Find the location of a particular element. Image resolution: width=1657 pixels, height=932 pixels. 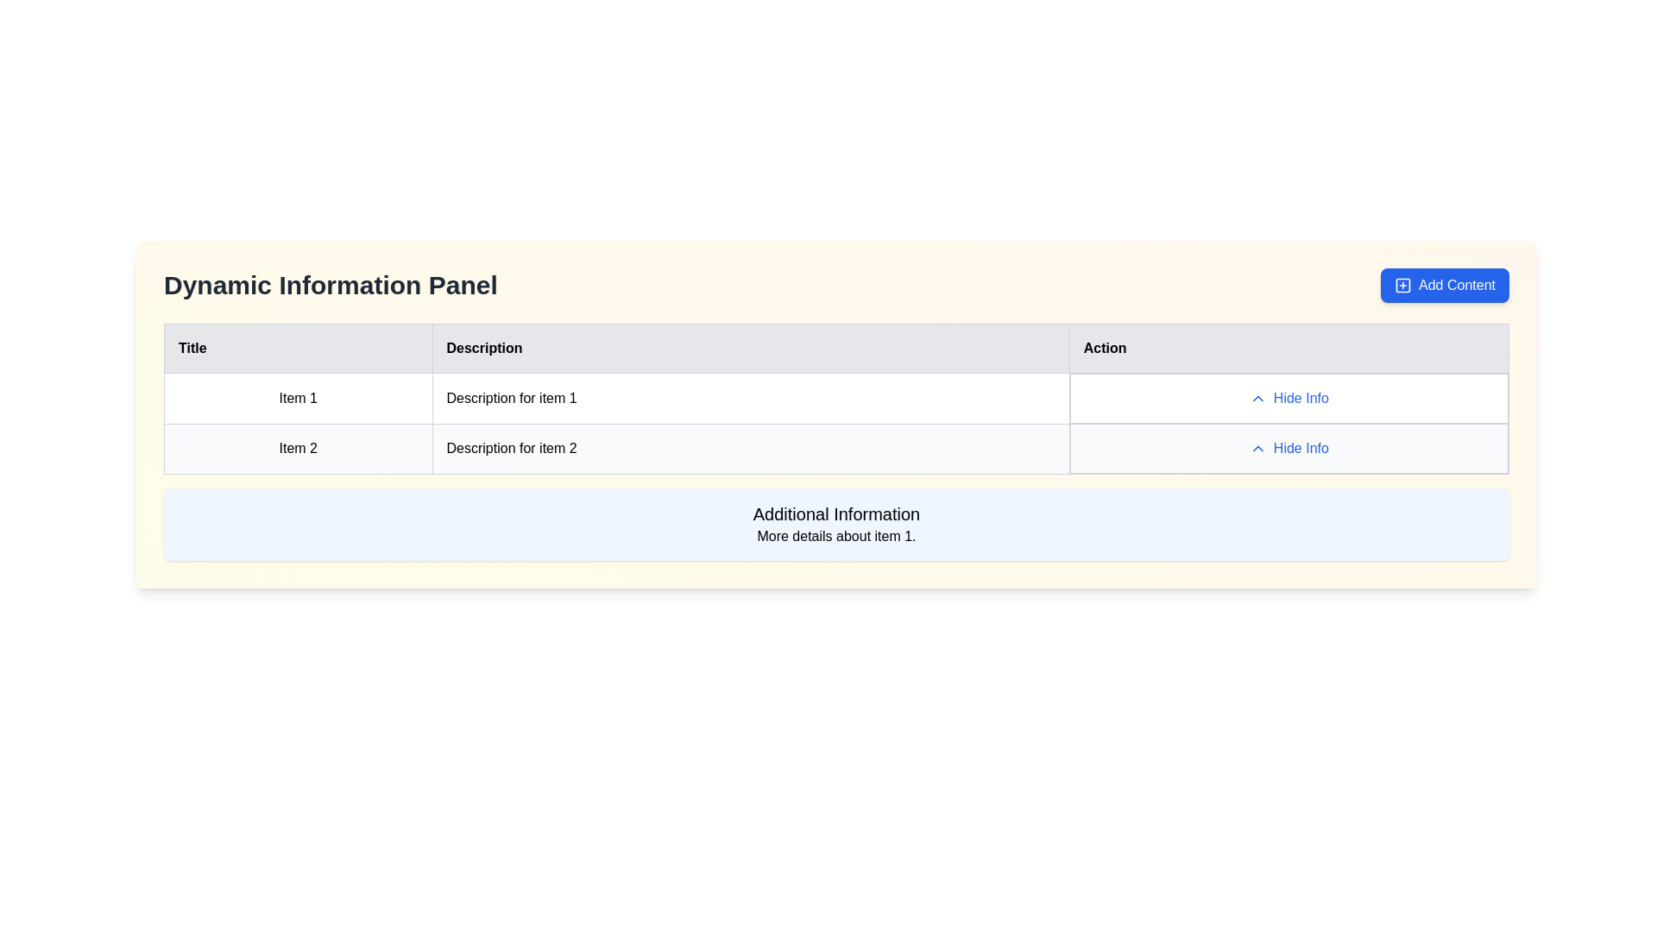

text content of the Text Label displaying 'Item 2', which is located in the second row of a table under the 'Title' column is located at coordinates (298, 448).